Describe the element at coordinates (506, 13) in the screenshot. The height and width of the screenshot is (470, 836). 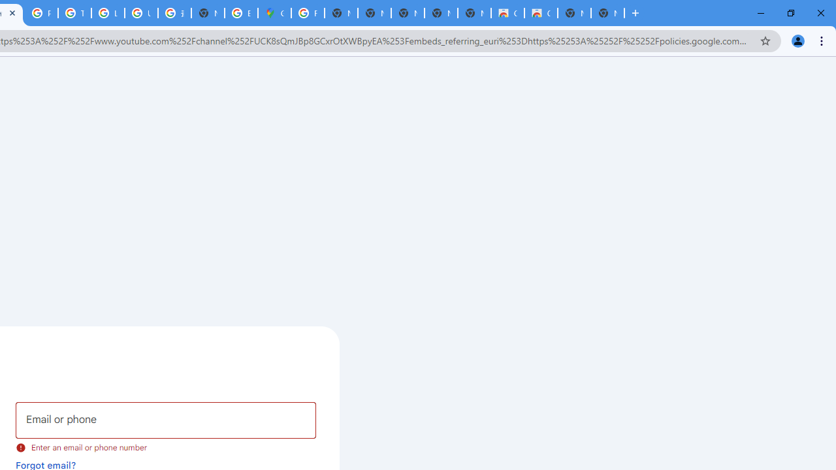
I see `'Classic Blue - Chrome Web Store'` at that location.